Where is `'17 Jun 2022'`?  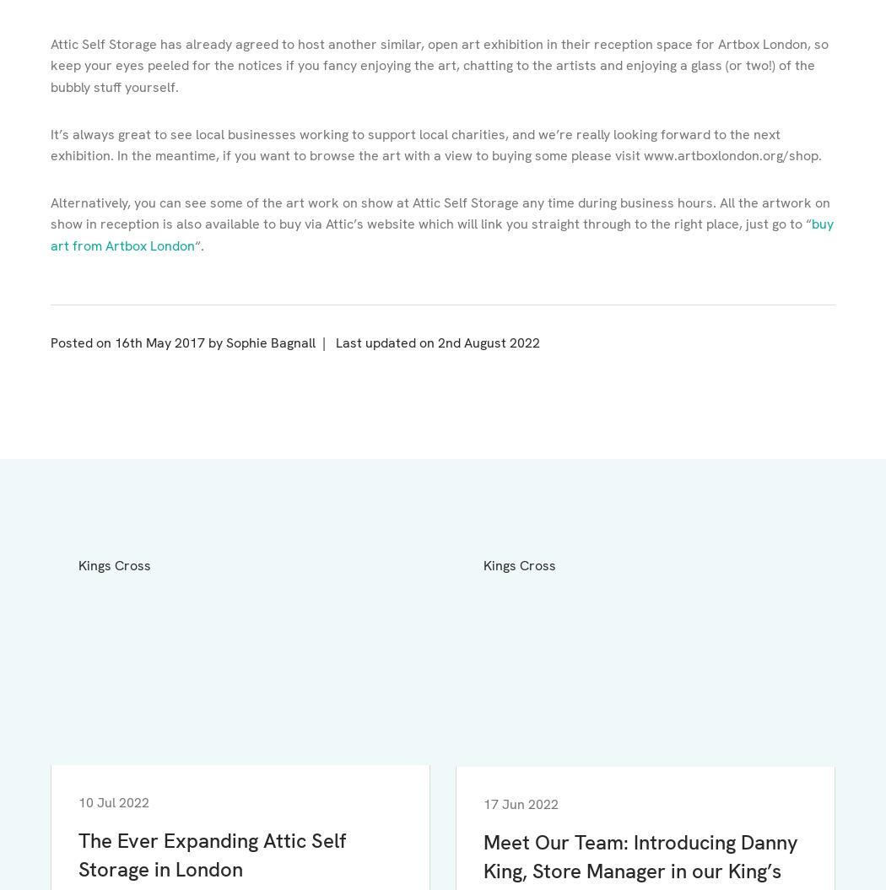 '17 Jun 2022' is located at coordinates (482, 803).